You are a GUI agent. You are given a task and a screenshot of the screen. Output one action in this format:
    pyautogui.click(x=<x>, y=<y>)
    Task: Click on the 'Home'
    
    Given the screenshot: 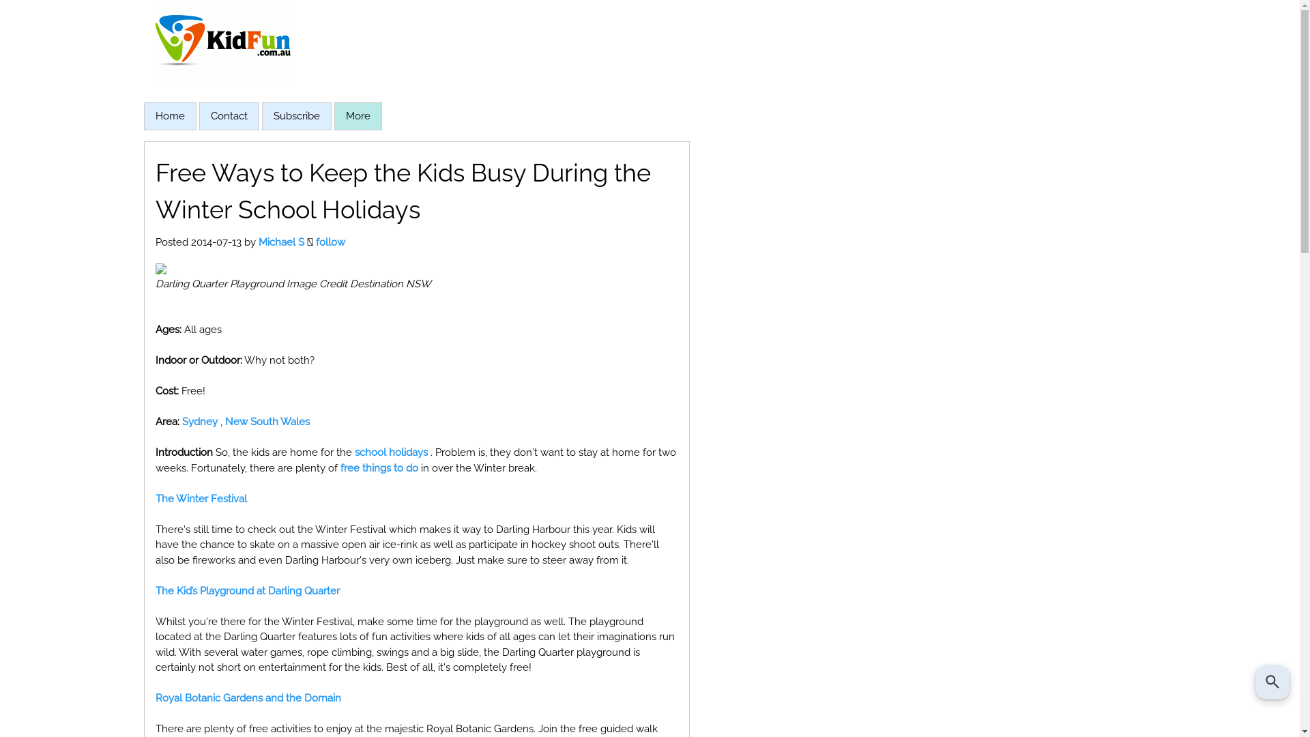 What is the action you would take?
    pyautogui.click(x=169, y=115)
    